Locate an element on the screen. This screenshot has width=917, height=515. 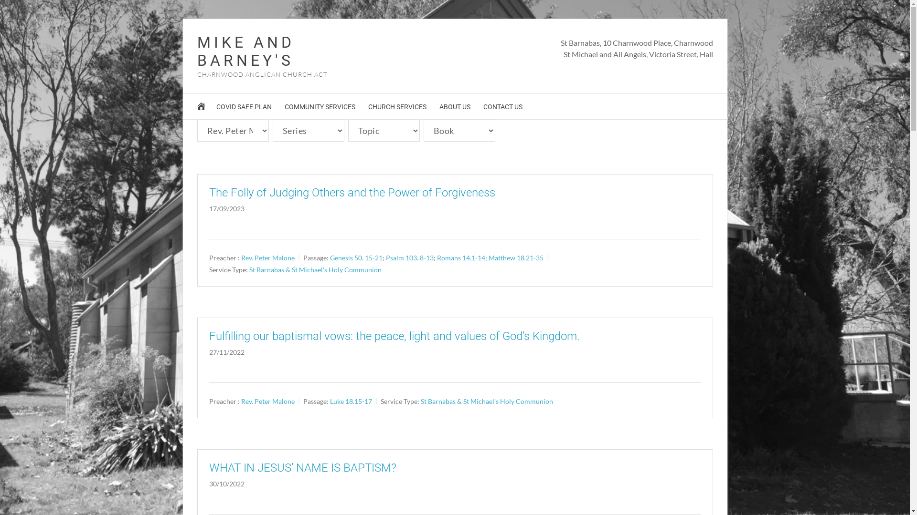
'Romans 14.1-14' is located at coordinates (460, 257).